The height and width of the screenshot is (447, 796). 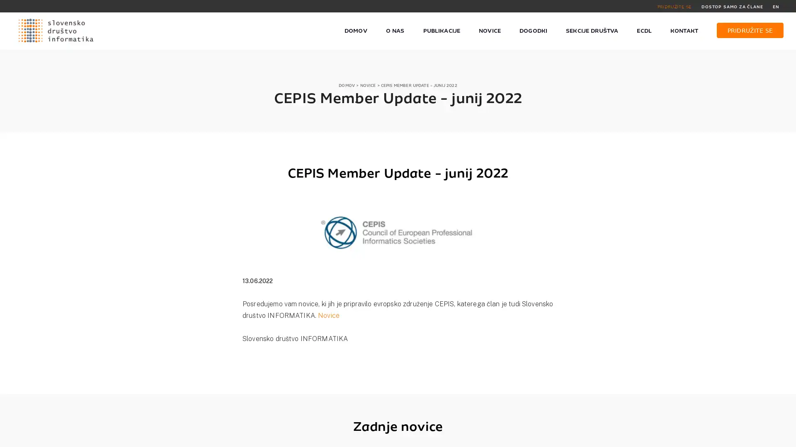 I want to click on Uredi piskotke, so click(x=589, y=436).